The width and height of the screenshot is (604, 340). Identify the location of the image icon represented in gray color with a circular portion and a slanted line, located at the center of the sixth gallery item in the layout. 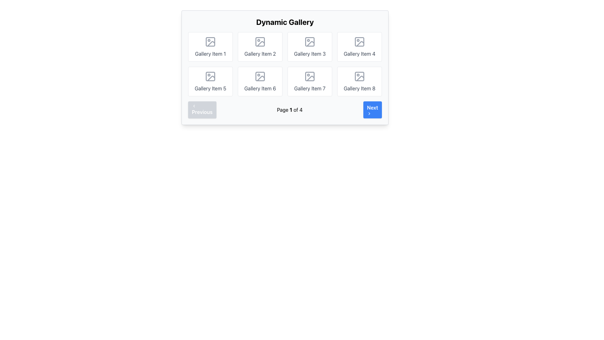
(260, 76).